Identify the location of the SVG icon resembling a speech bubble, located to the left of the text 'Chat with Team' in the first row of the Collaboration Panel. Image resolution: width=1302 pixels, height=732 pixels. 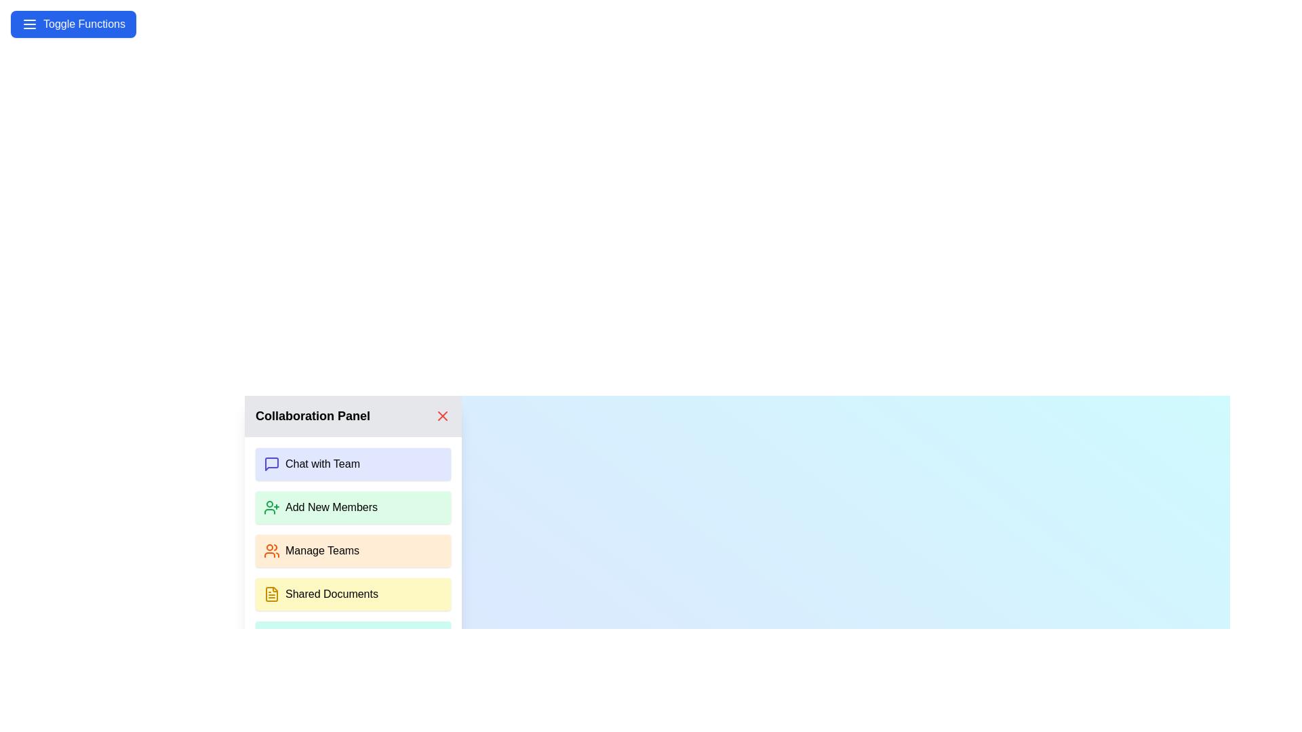
(271, 464).